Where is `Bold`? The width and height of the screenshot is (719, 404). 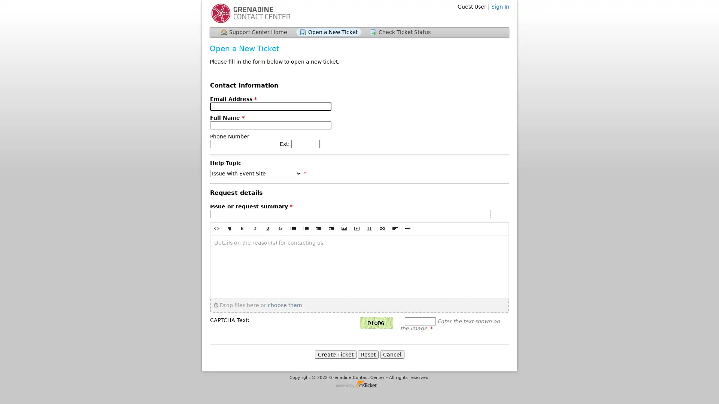
Bold is located at coordinates (242, 228).